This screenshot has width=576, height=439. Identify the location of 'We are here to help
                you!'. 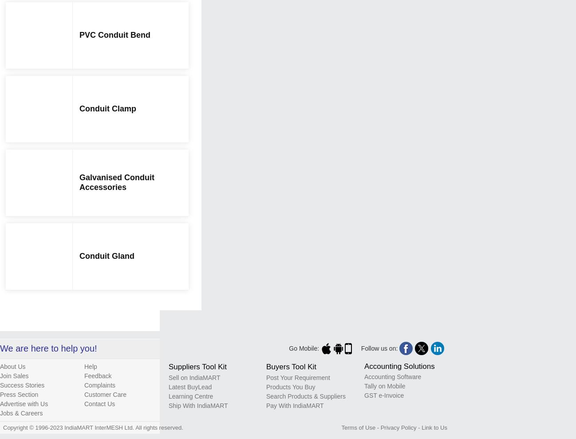
(48, 347).